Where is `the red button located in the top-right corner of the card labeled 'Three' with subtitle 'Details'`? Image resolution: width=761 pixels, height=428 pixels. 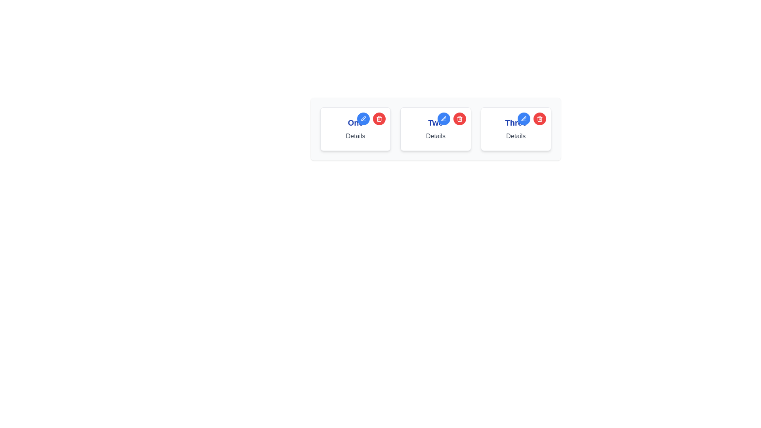 the red button located in the top-right corner of the card labeled 'Three' with subtitle 'Details' is located at coordinates (532, 119).